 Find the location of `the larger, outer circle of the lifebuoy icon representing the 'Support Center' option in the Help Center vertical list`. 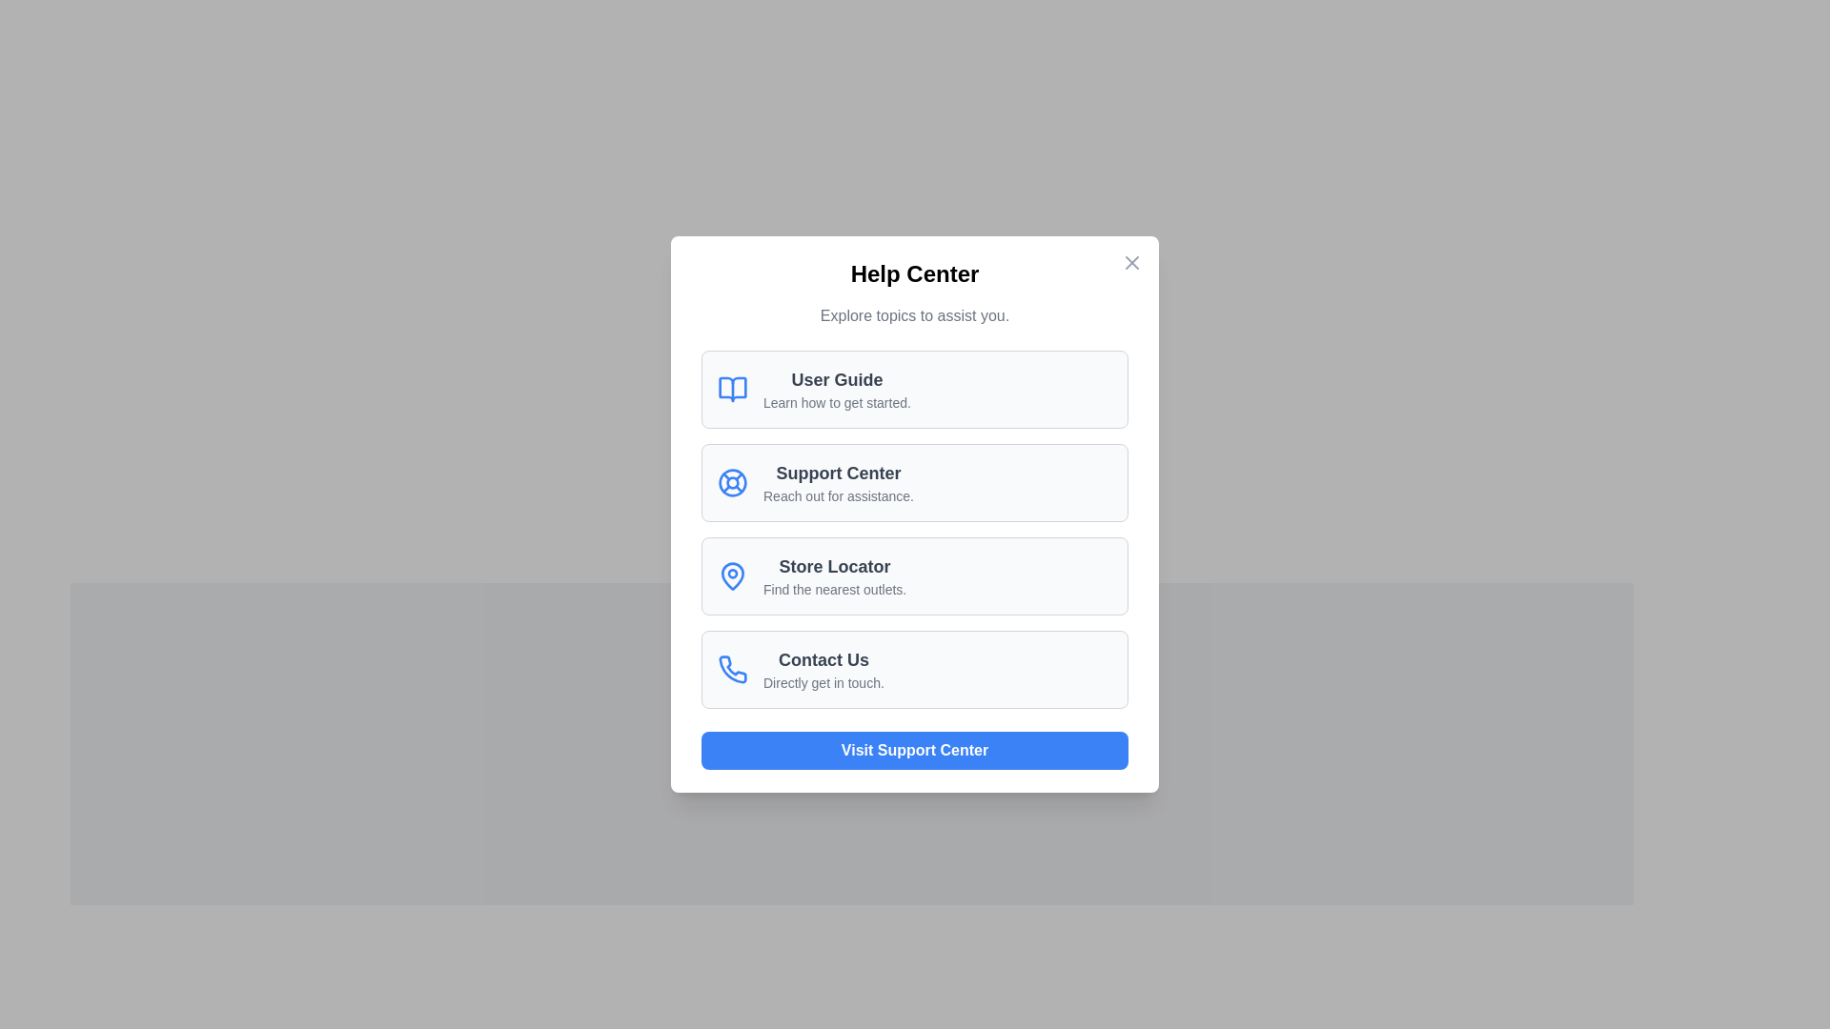

the larger, outer circle of the lifebuoy icon representing the 'Support Center' option in the Help Center vertical list is located at coordinates (731, 480).